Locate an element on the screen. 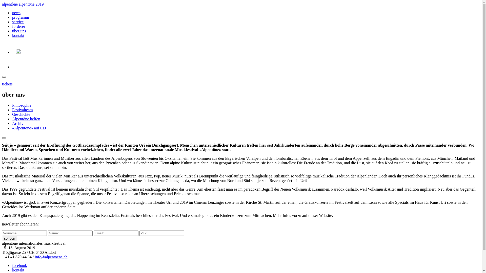  'programm' is located at coordinates (20, 17).